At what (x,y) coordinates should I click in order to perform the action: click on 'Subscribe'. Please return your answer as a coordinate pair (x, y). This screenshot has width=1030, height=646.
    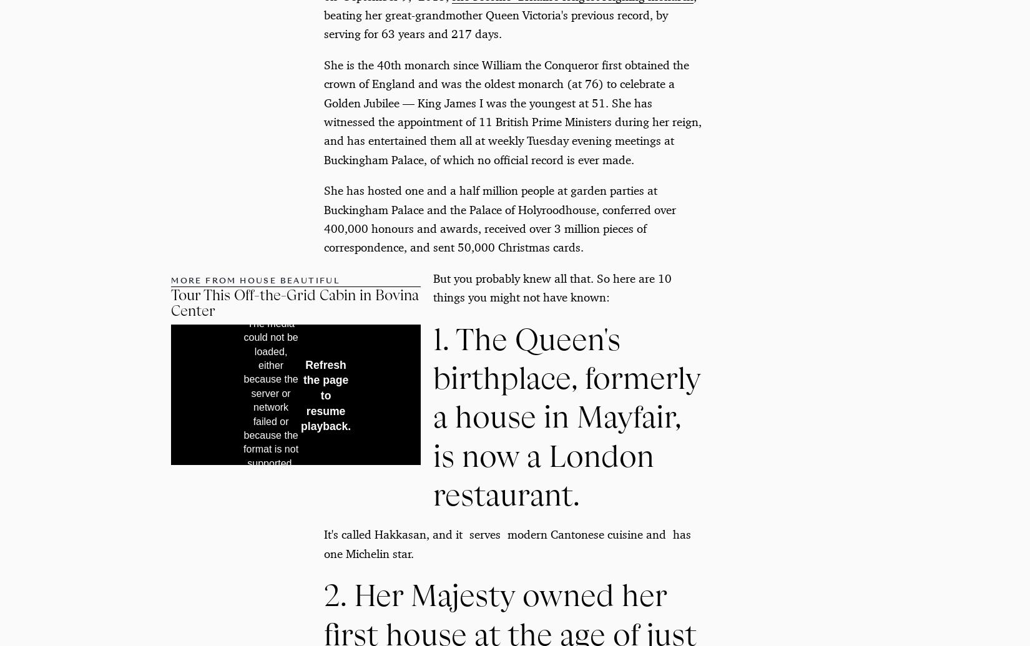
    Looking at the image, I should click on (186, 533).